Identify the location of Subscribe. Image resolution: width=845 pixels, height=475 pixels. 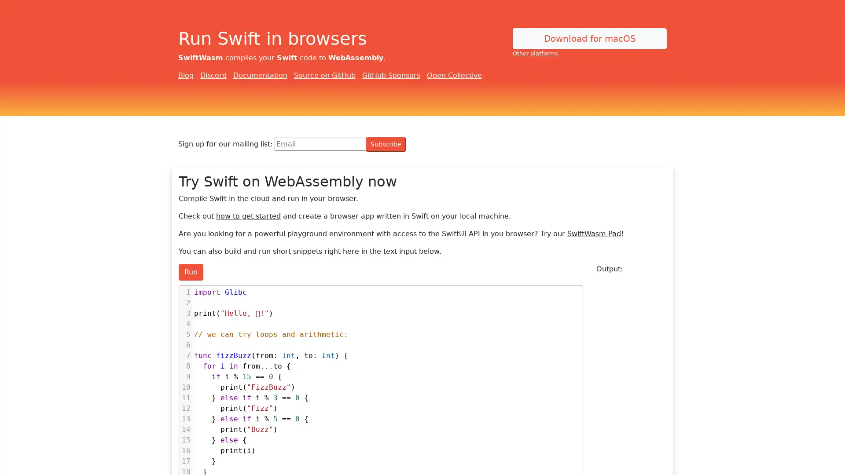
(386, 144).